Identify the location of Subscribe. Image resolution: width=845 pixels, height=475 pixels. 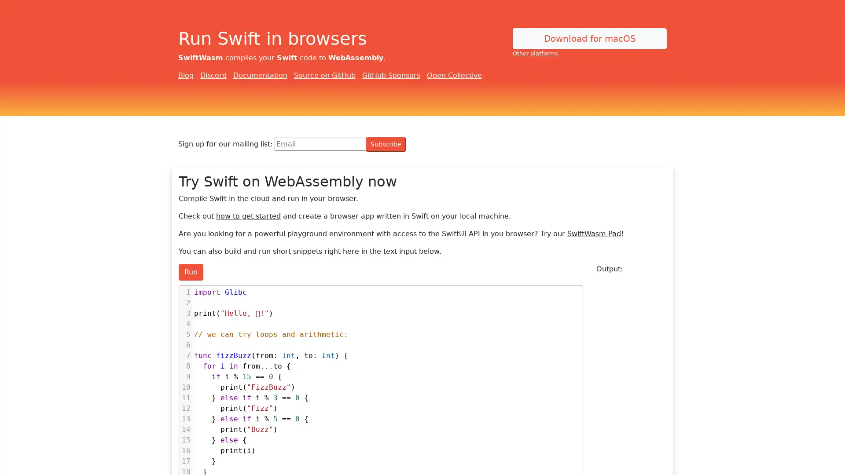
(386, 144).